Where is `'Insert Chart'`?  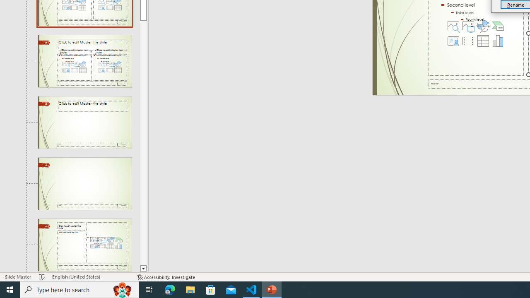 'Insert Chart' is located at coordinates (497, 41).